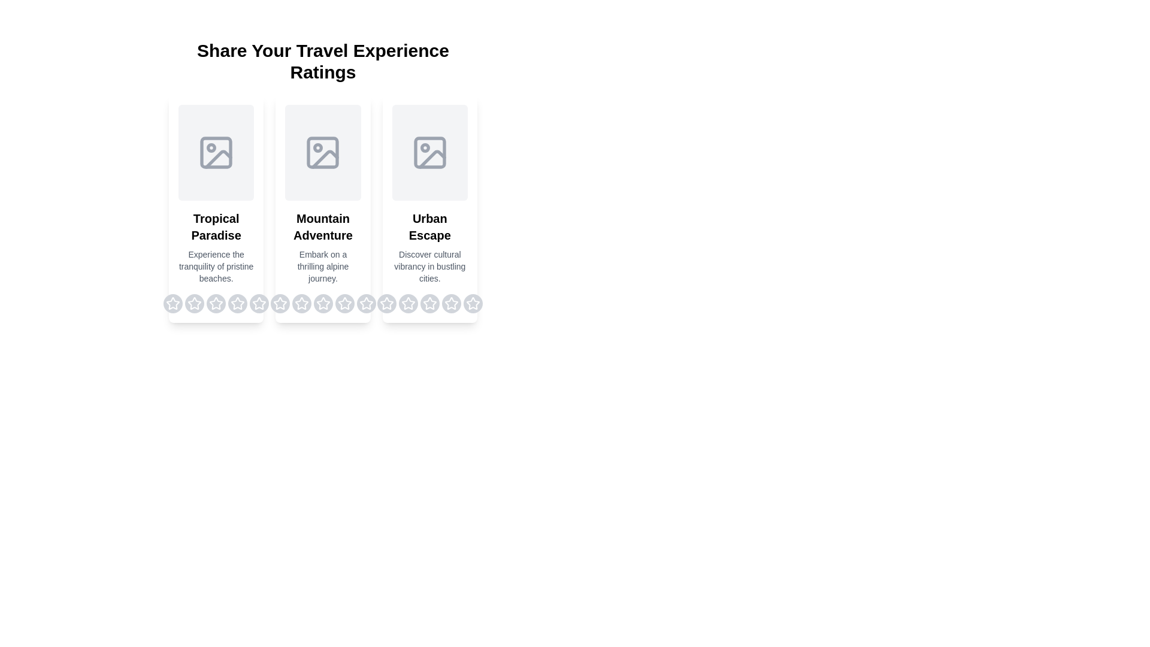 The height and width of the screenshot is (647, 1150). What do you see at coordinates (172, 303) in the screenshot?
I see `the rating for a destination to 1 stars by clicking on the corresponding star for the destination Tropical Paradise` at bounding box center [172, 303].